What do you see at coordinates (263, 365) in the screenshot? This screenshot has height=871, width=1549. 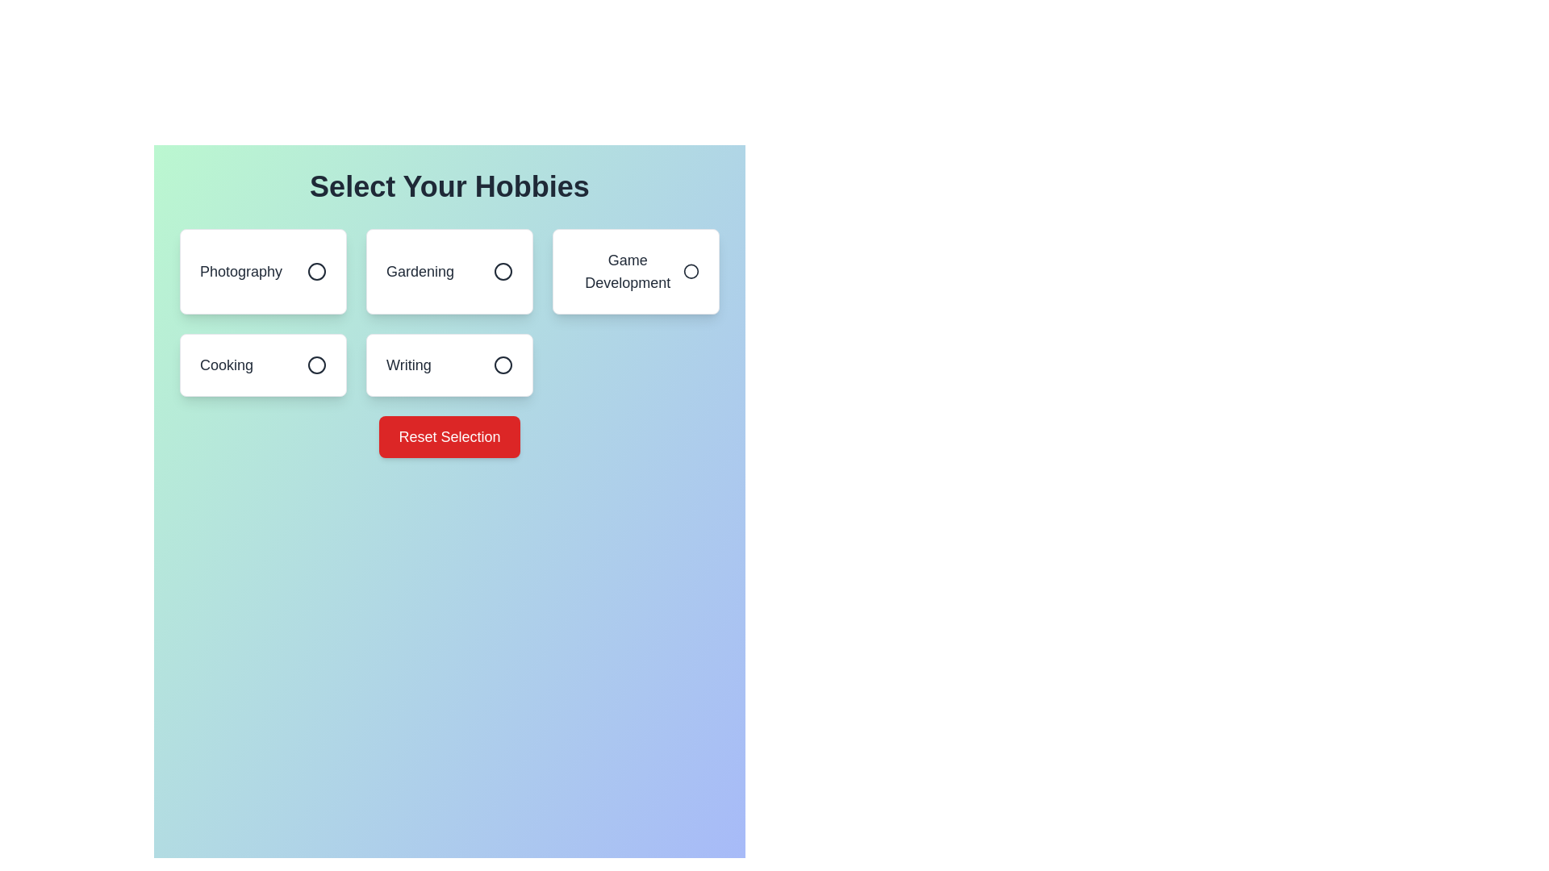 I see `the hobby item Cooking` at bounding box center [263, 365].